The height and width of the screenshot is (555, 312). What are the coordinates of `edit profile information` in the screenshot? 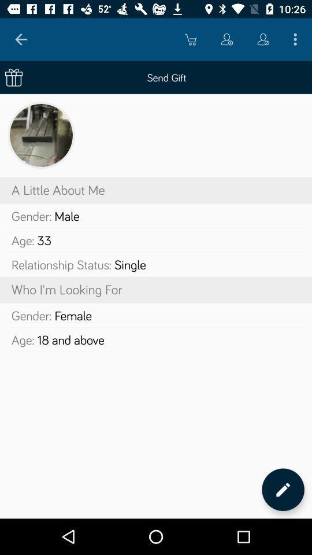 It's located at (283, 489).